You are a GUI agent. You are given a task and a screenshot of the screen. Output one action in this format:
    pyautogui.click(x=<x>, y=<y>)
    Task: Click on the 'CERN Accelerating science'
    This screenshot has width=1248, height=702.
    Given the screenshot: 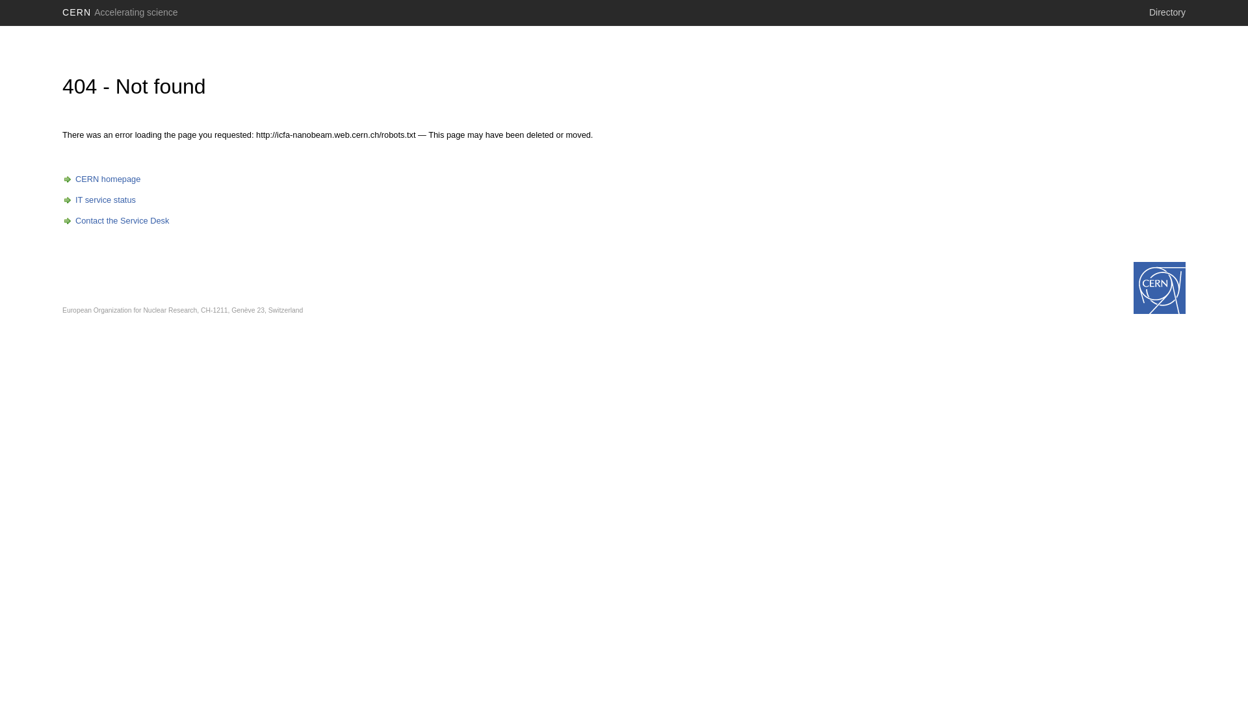 What is the action you would take?
    pyautogui.click(x=120, y=12)
    